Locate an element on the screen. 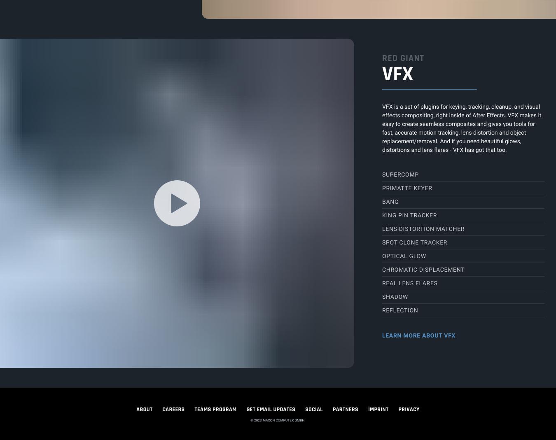  'CAREERS' is located at coordinates (173, 409).